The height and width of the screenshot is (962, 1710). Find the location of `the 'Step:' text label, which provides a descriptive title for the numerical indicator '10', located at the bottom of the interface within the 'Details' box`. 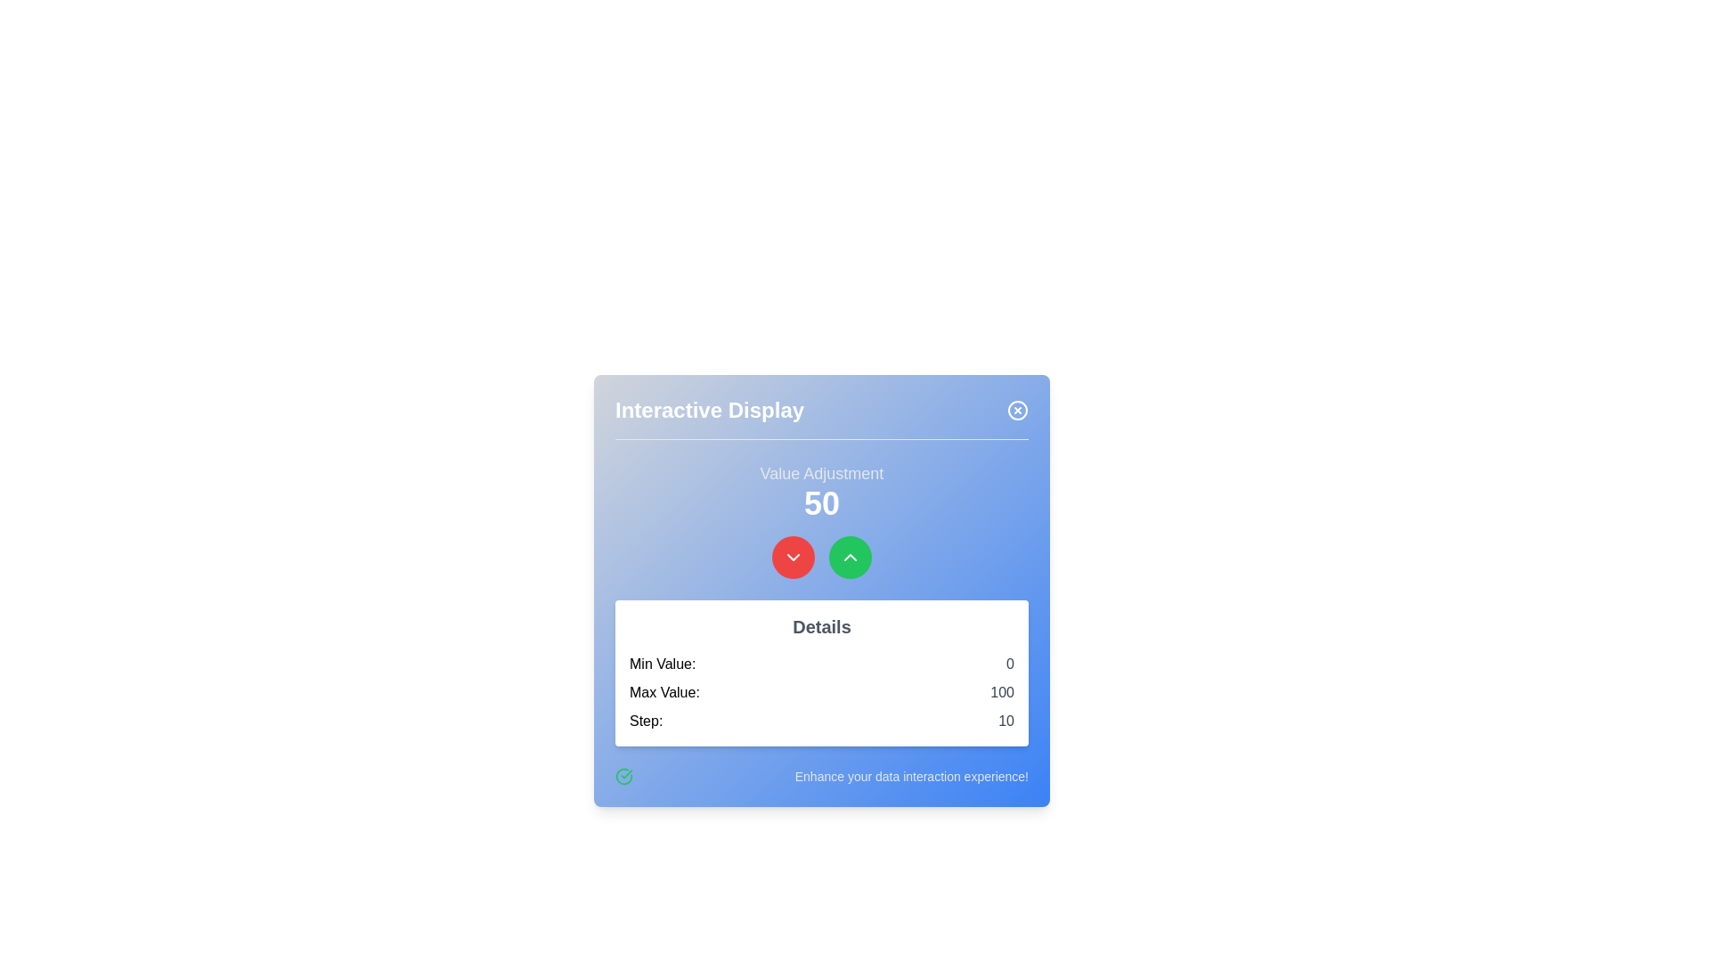

the 'Step:' text label, which provides a descriptive title for the numerical indicator '10', located at the bottom of the interface within the 'Details' box is located at coordinates (645, 721).